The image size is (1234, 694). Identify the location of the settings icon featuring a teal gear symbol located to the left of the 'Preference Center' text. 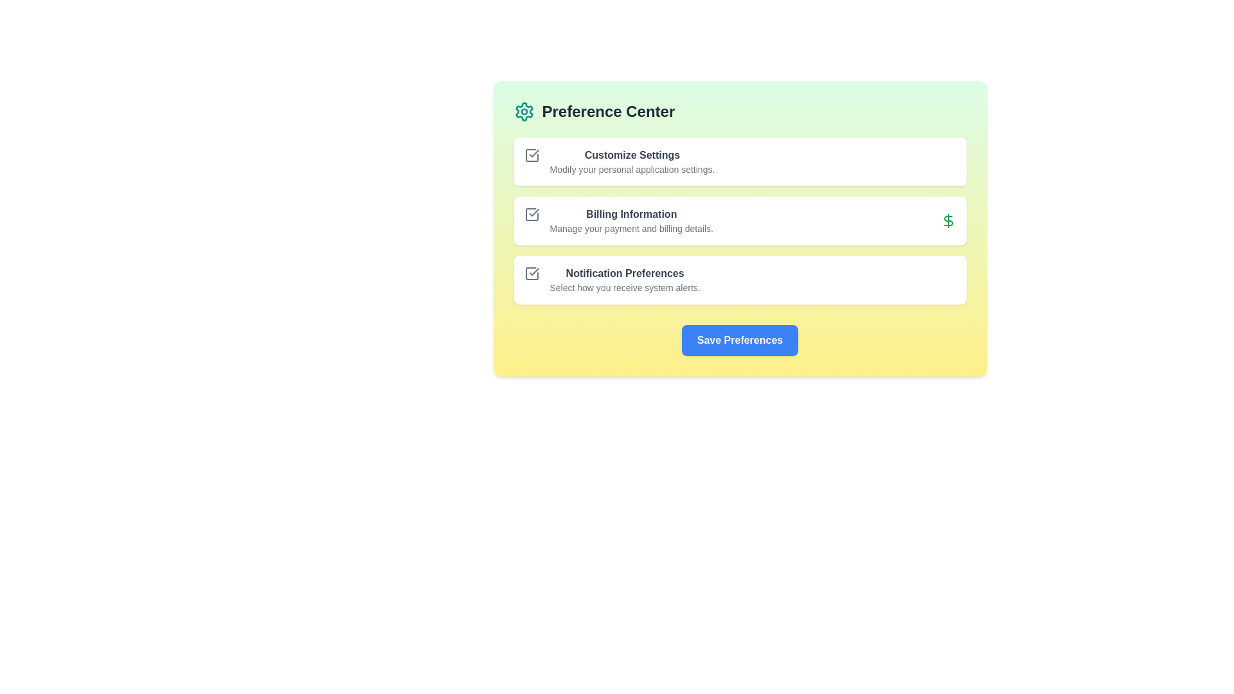
(524, 111).